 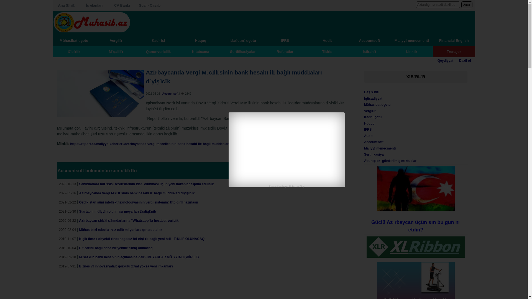 I want to click on 'Qanunvericilik', so click(x=158, y=51).